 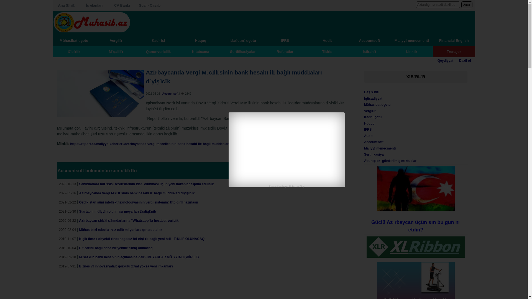 I want to click on 'Qanunvericilik', so click(x=158, y=51).